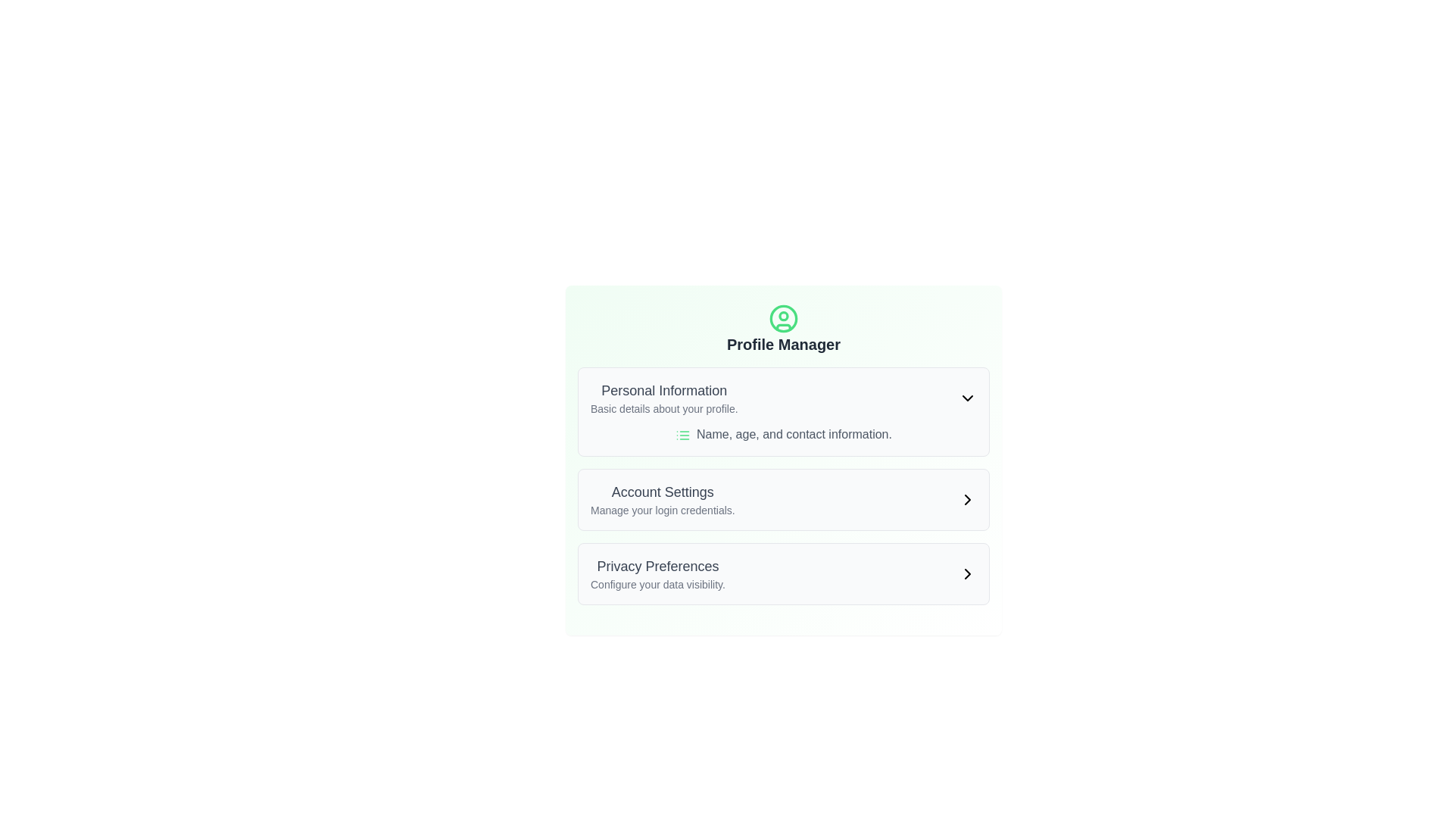 Image resolution: width=1454 pixels, height=818 pixels. Describe the element at coordinates (784, 317) in the screenshot. I see `the circular user icon with a green outline located above the 'Profile Manager' header` at that location.